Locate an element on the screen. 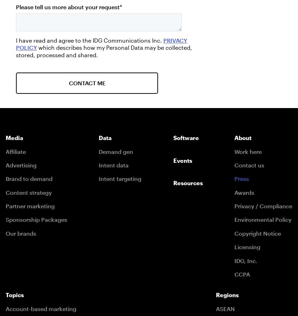 This screenshot has height=316, width=298. 'Partner marketing' is located at coordinates (30, 205).